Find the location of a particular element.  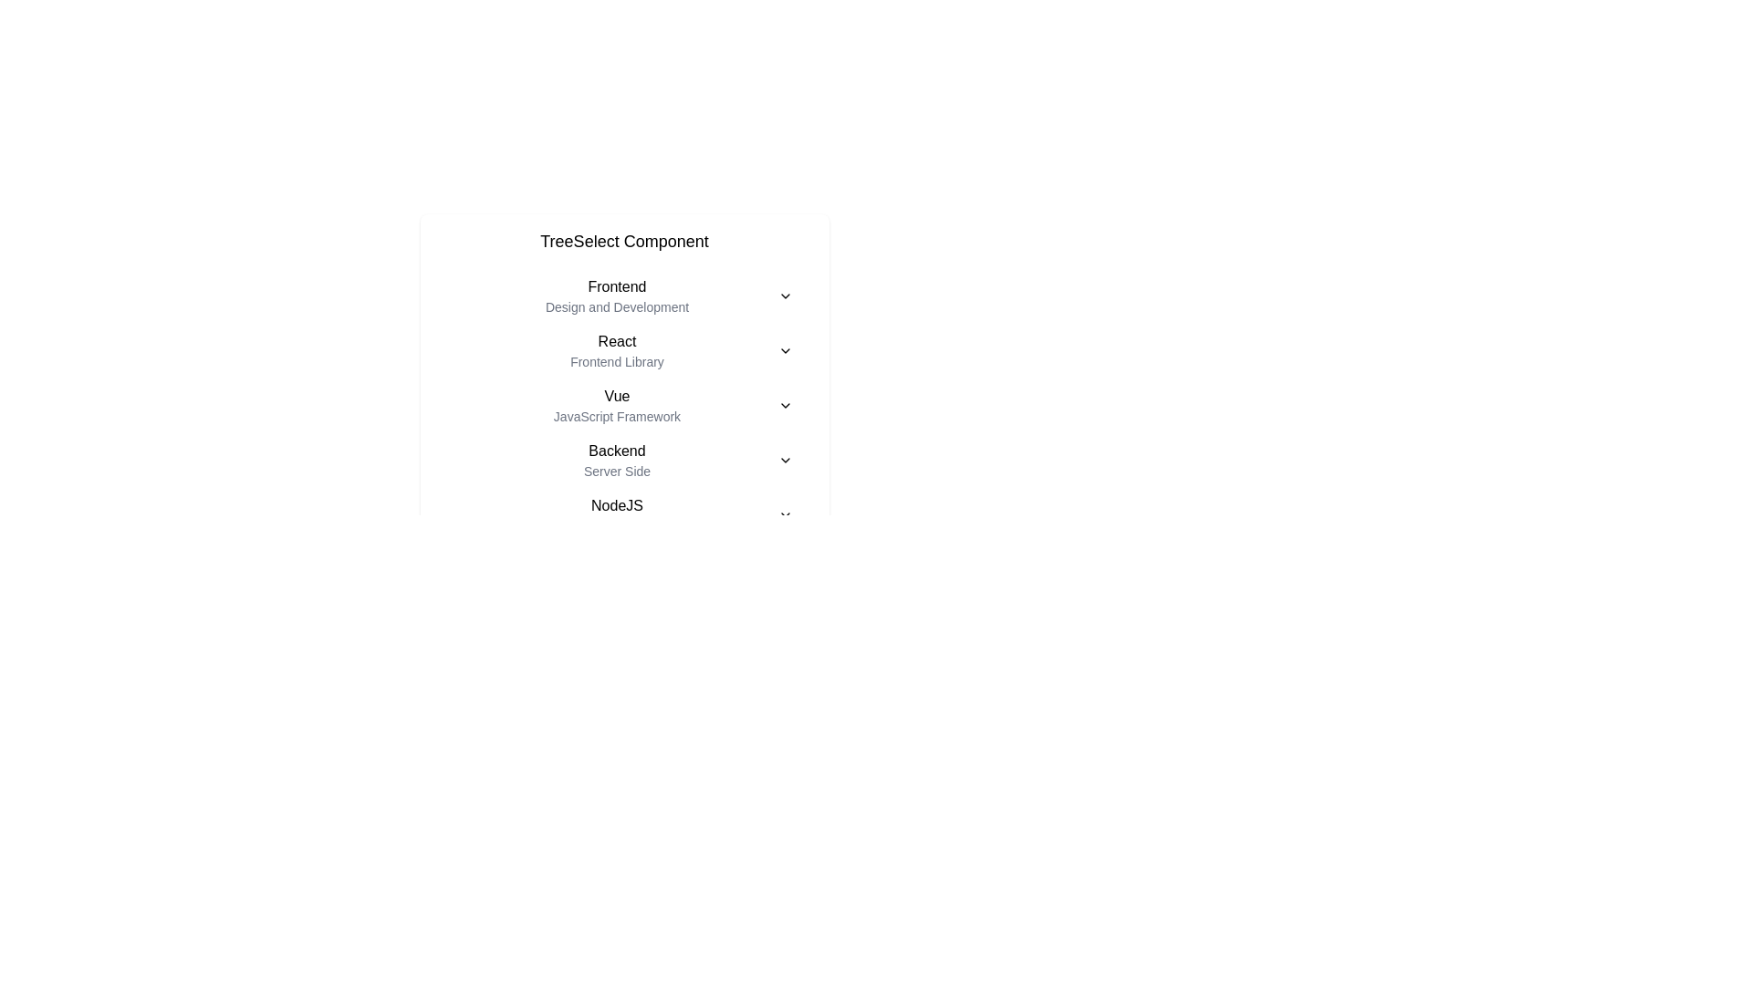

the Text label in the tree structure under the 'Backend Server Side' category is located at coordinates (624, 514).